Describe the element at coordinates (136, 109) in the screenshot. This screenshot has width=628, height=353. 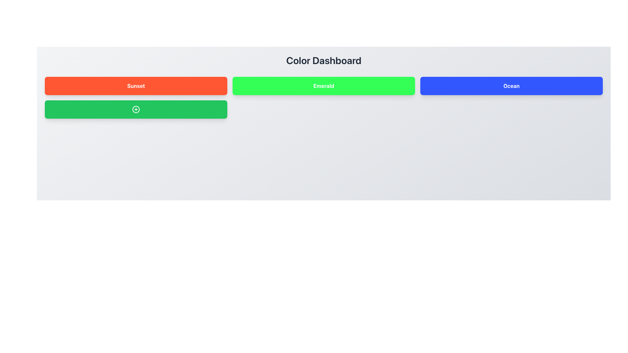
I see `the Circle SVG Element that represents a 'plus' sign inside a circular icon, located in the lower green rectangular section below the 'Sunset' section` at that location.